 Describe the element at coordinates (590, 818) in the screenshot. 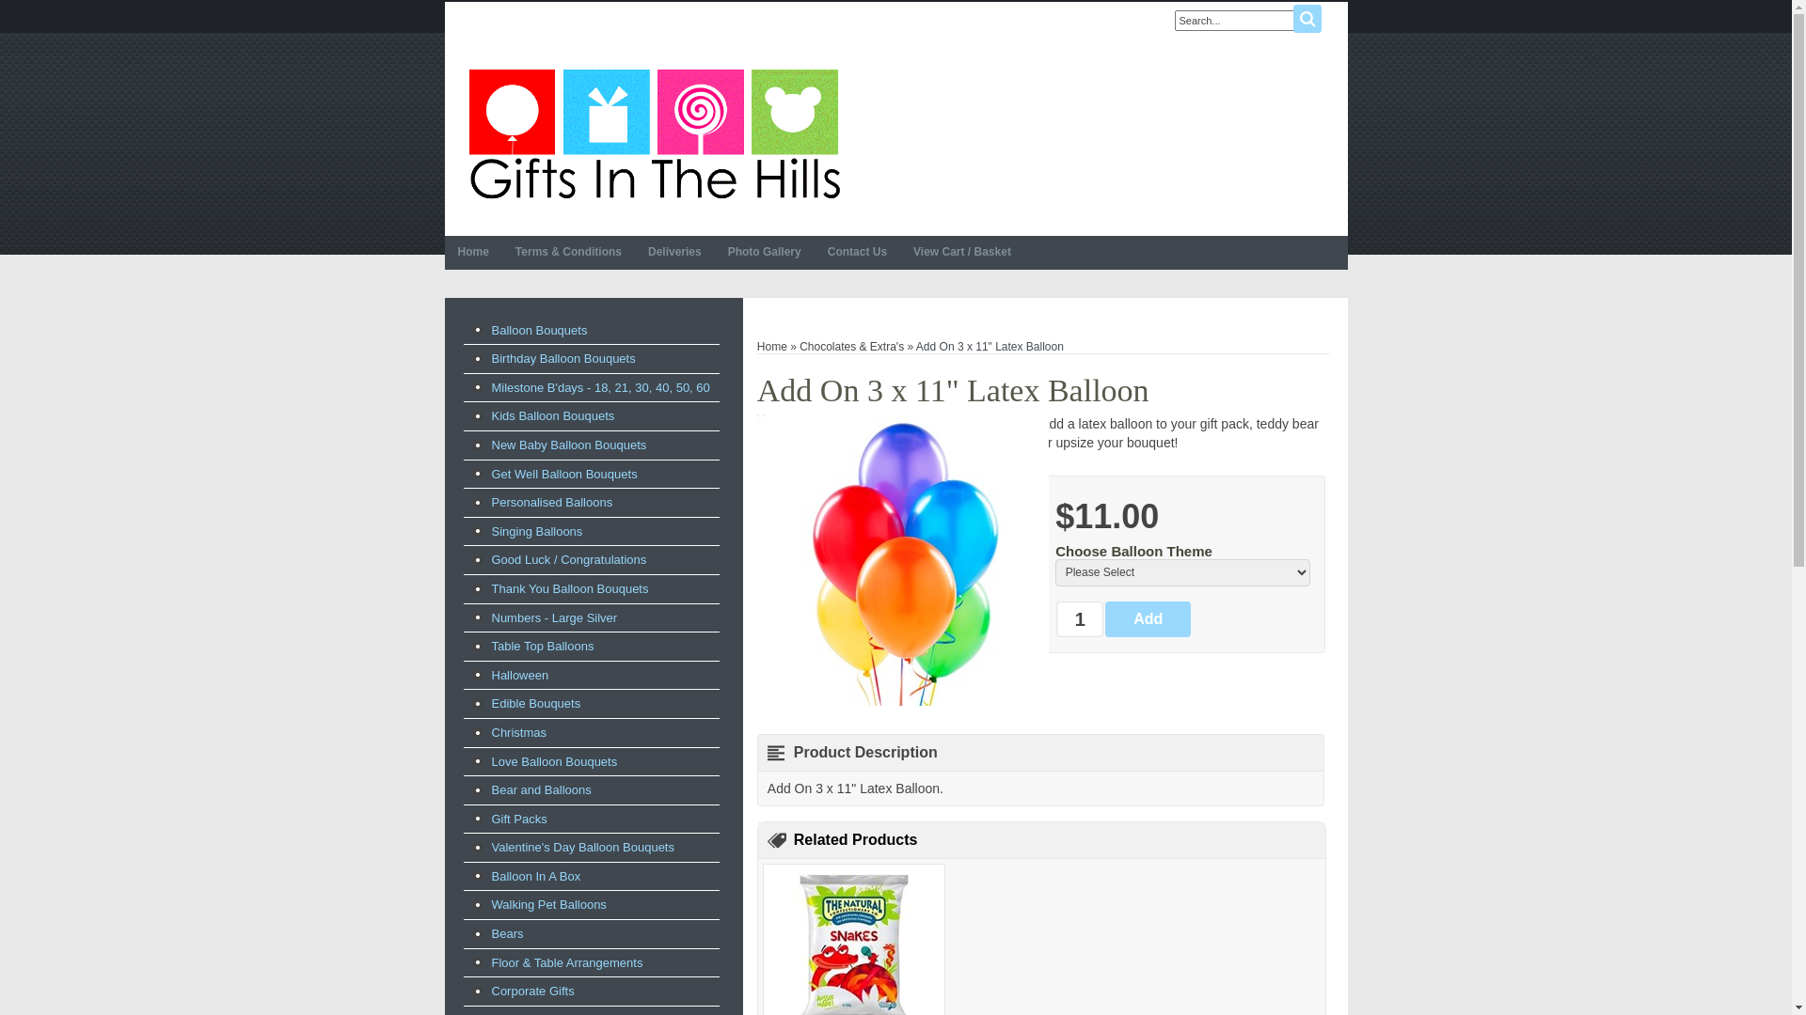

I see `'Gift Packs'` at that location.